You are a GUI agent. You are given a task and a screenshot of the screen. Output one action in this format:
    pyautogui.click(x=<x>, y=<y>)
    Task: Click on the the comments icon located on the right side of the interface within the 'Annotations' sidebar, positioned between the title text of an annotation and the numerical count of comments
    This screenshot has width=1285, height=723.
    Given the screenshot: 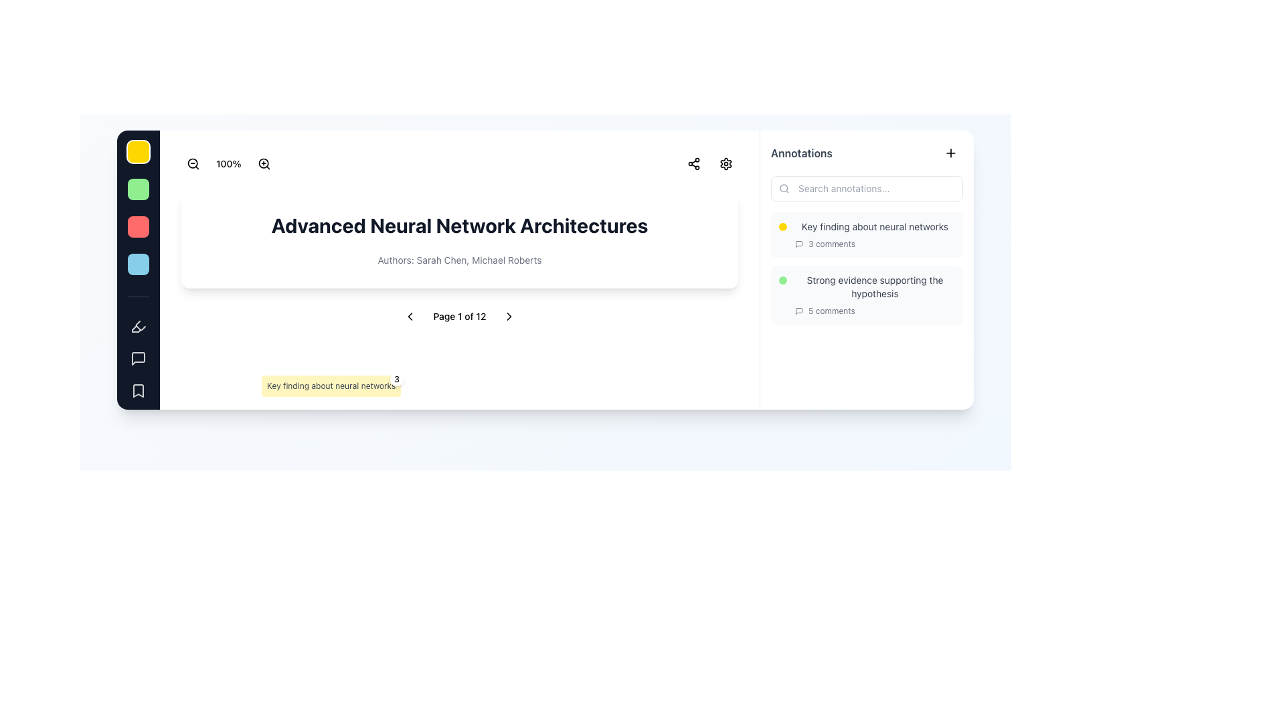 What is the action you would take?
    pyautogui.click(x=799, y=311)
    